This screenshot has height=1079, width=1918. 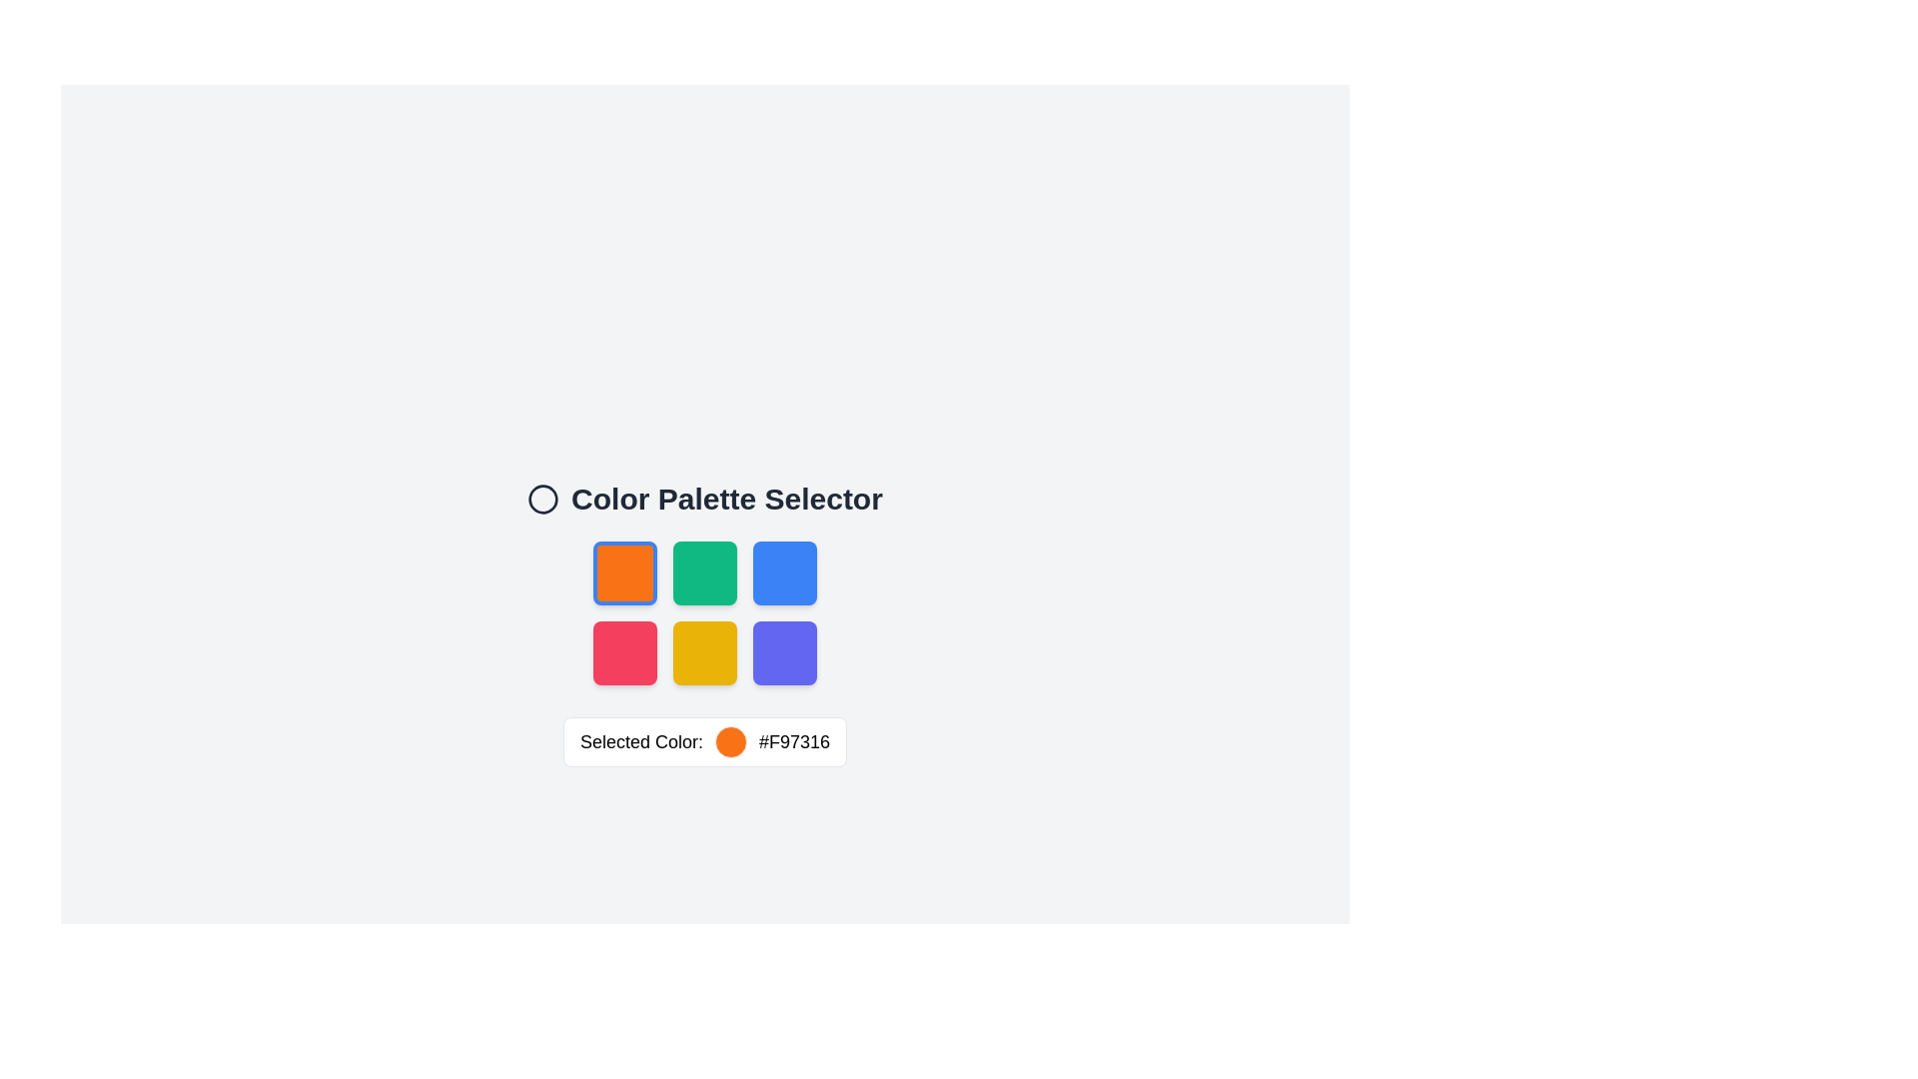 What do you see at coordinates (641, 742) in the screenshot?
I see `the Text Label that indicates the meaning of the data displayed next to the user's selected color` at bounding box center [641, 742].